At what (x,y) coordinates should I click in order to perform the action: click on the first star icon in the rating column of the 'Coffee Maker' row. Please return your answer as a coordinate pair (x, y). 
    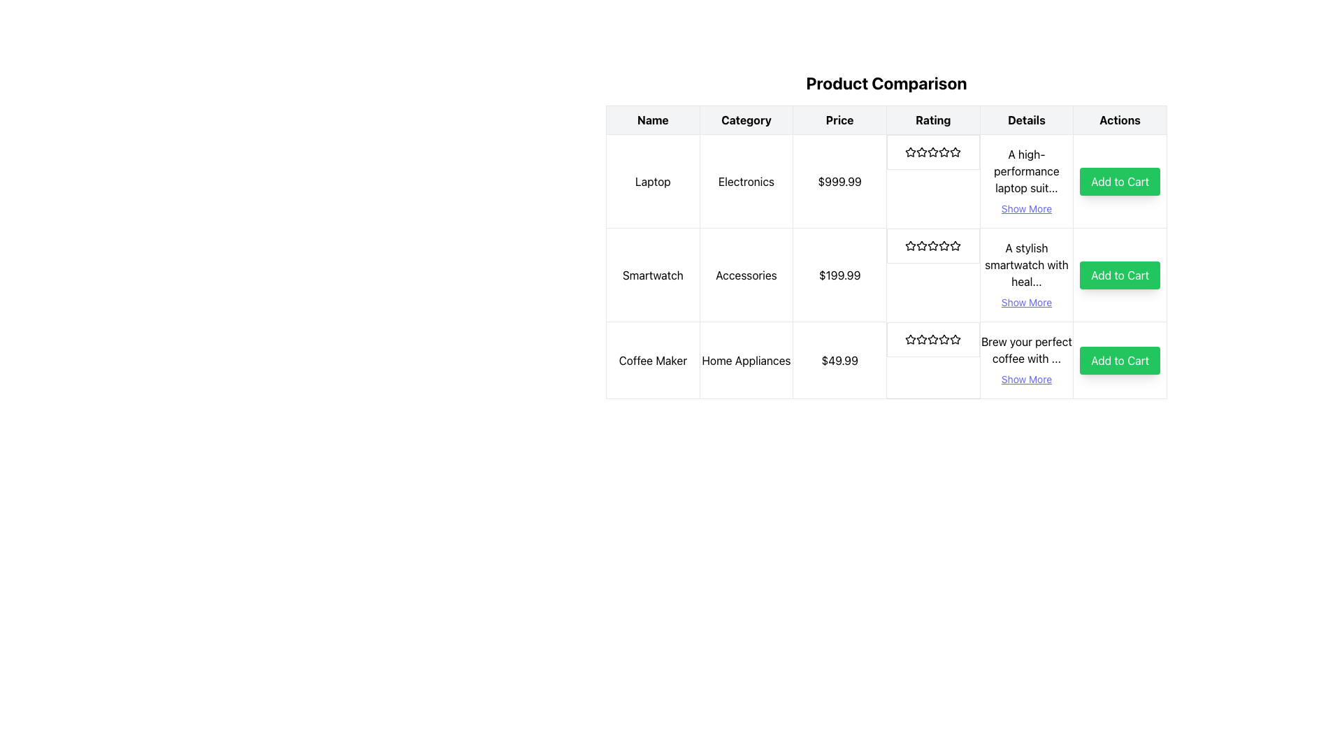
    Looking at the image, I should click on (911, 339).